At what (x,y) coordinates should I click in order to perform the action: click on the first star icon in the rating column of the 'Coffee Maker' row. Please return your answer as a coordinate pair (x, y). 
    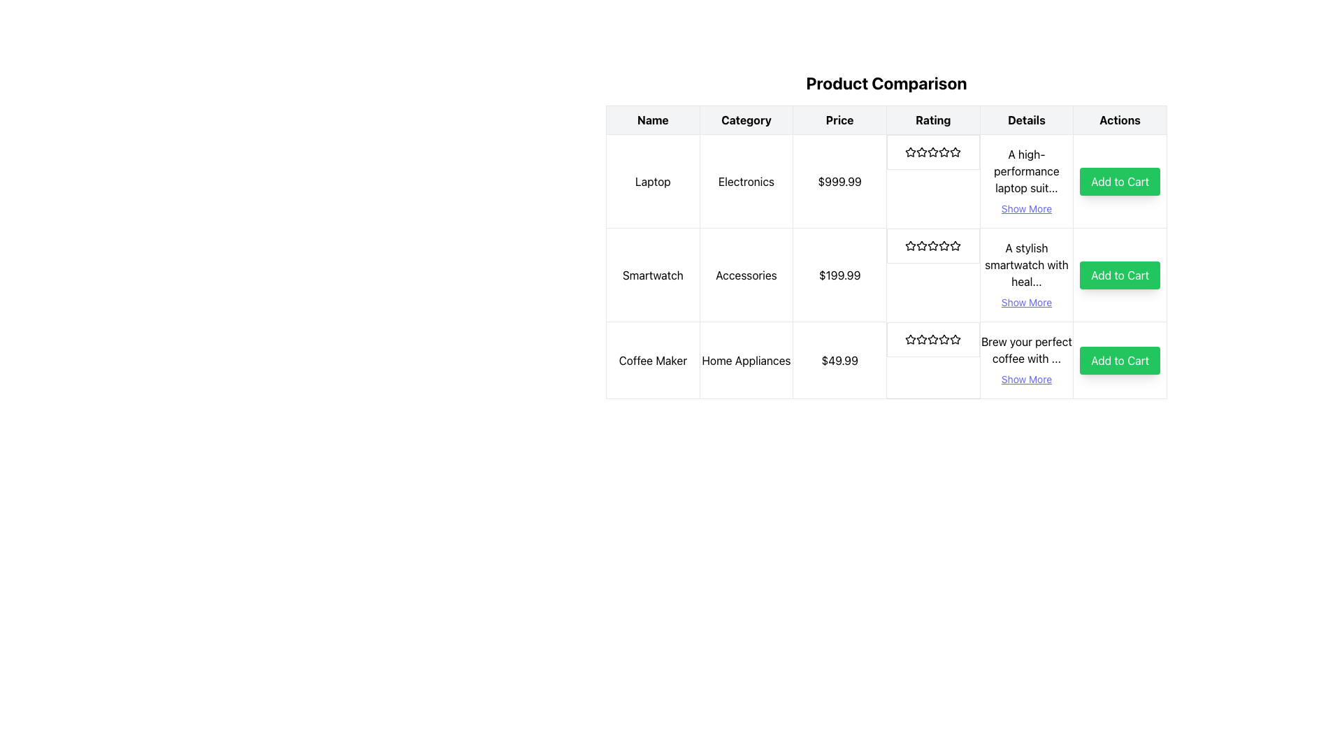
    Looking at the image, I should click on (911, 339).